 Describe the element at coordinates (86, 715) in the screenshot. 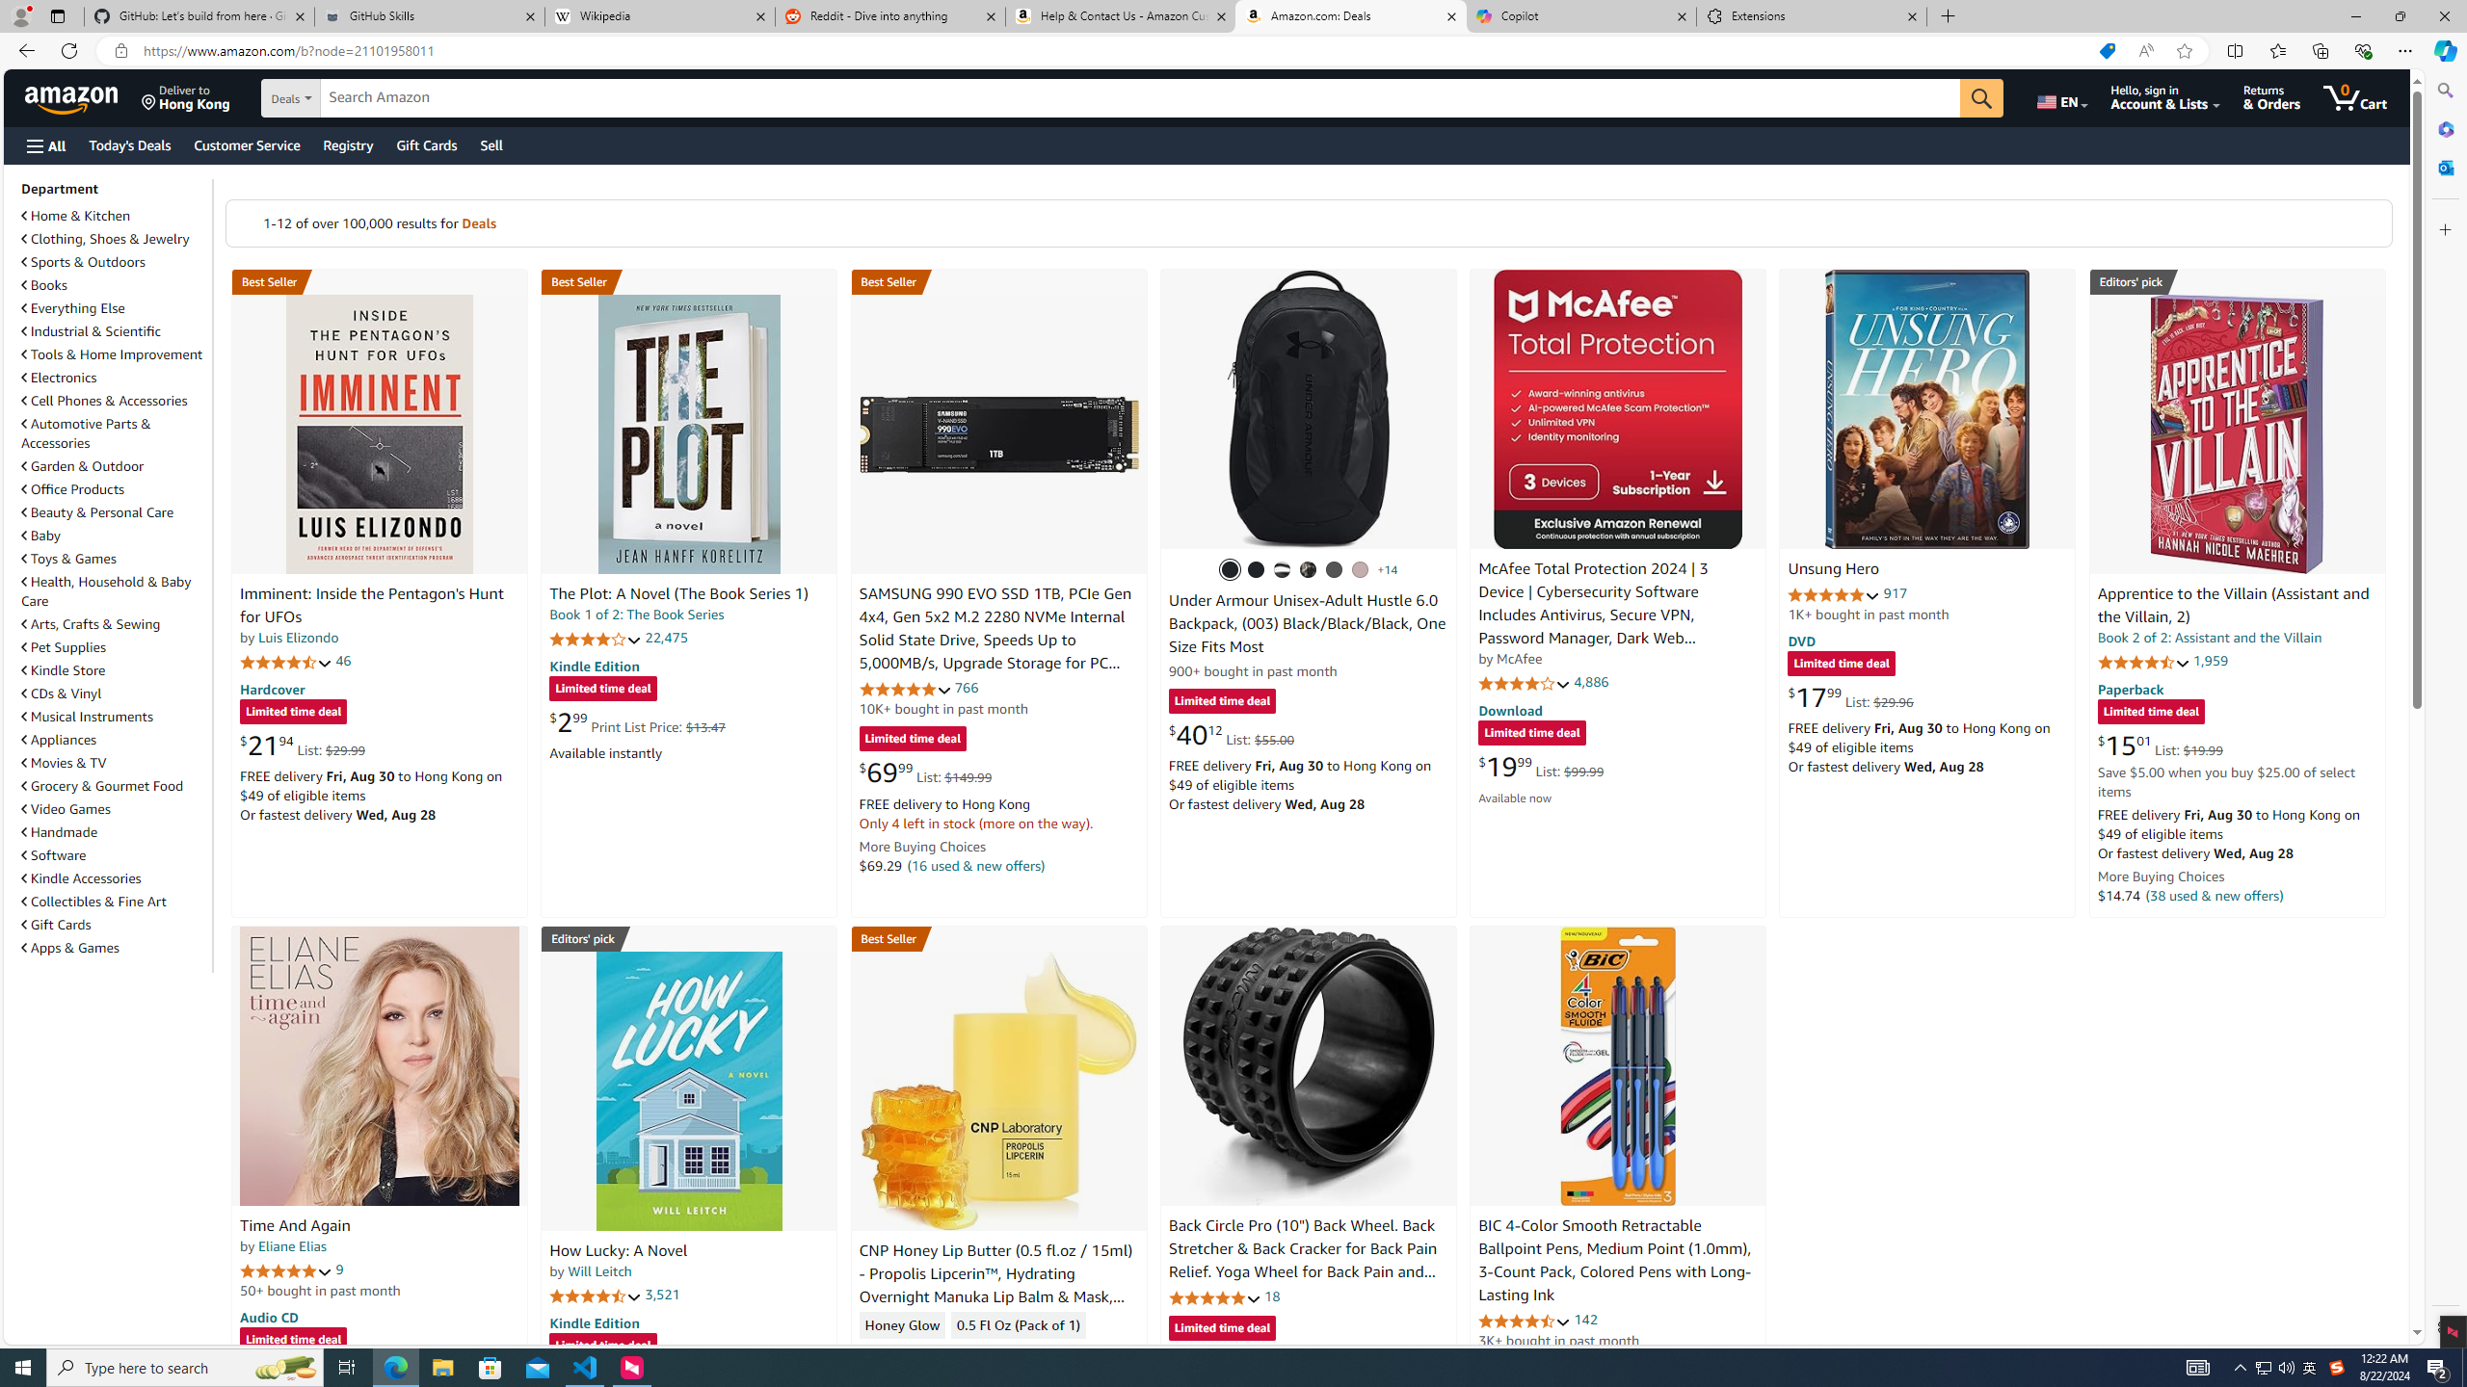

I see `'Musical Instruments'` at that location.